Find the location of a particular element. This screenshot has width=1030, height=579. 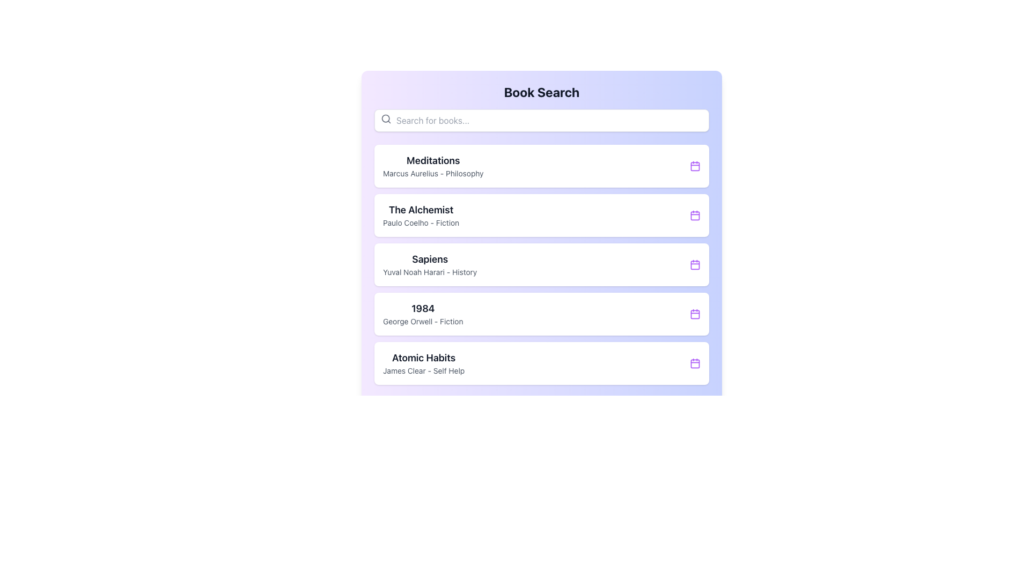

the text grouping card displaying 'Sapiens' by Yuval Noah Harari is located at coordinates (430, 264).